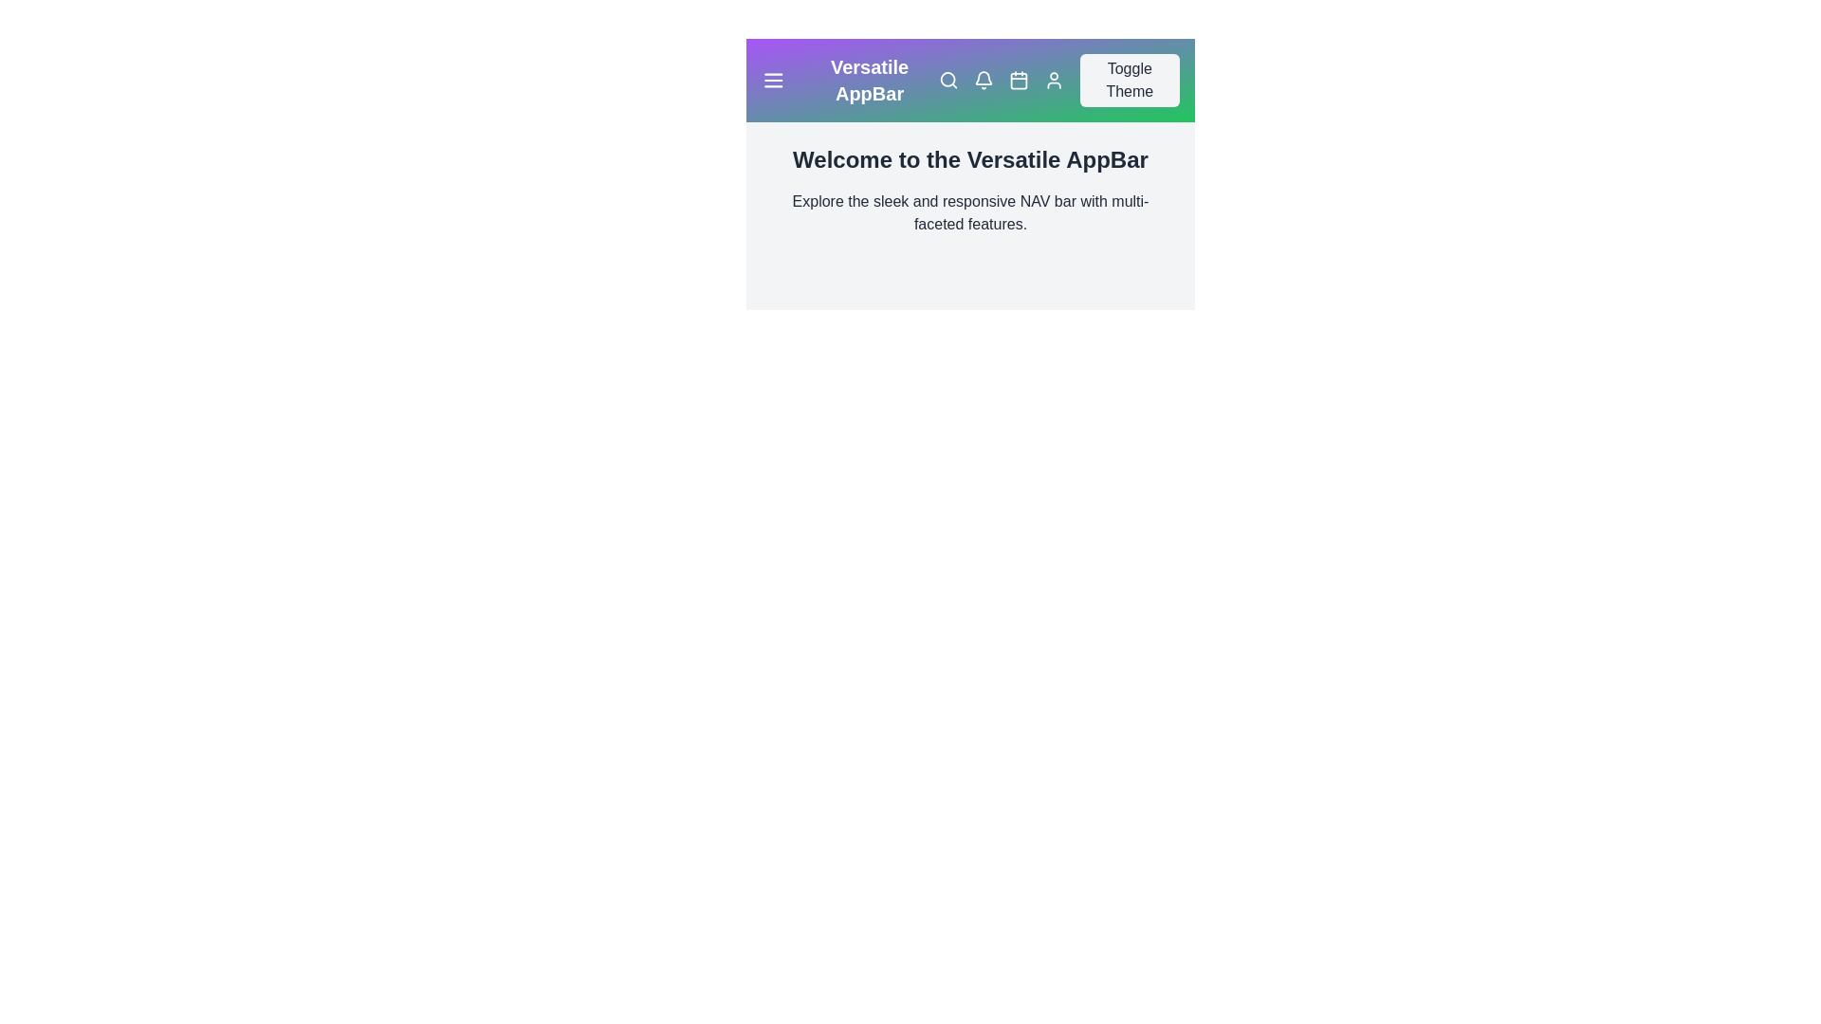 Image resolution: width=1821 pixels, height=1024 pixels. What do you see at coordinates (947, 79) in the screenshot?
I see `the search icon to initiate a search` at bounding box center [947, 79].